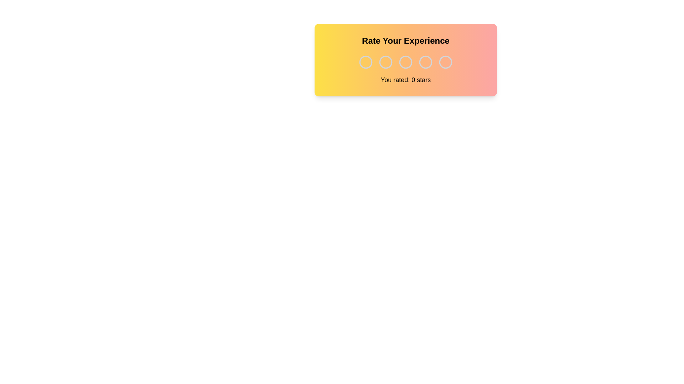  Describe the element at coordinates (385, 62) in the screenshot. I see `the rating to 2 stars by clicking on the corresponding star` at that location.